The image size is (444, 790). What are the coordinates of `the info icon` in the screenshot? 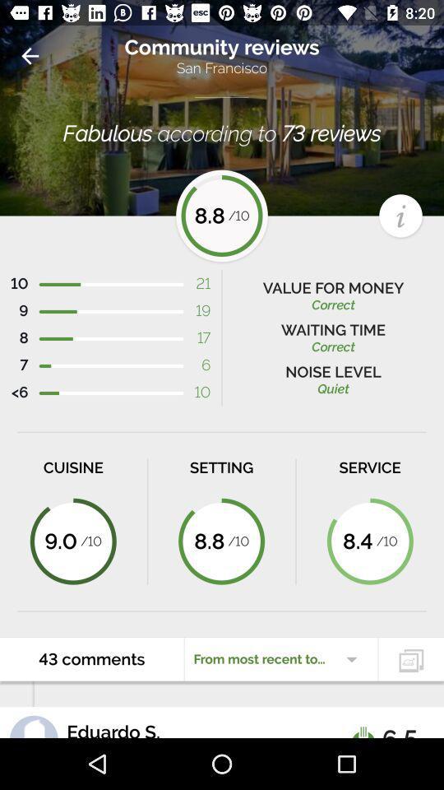 It's located at (400, 215).